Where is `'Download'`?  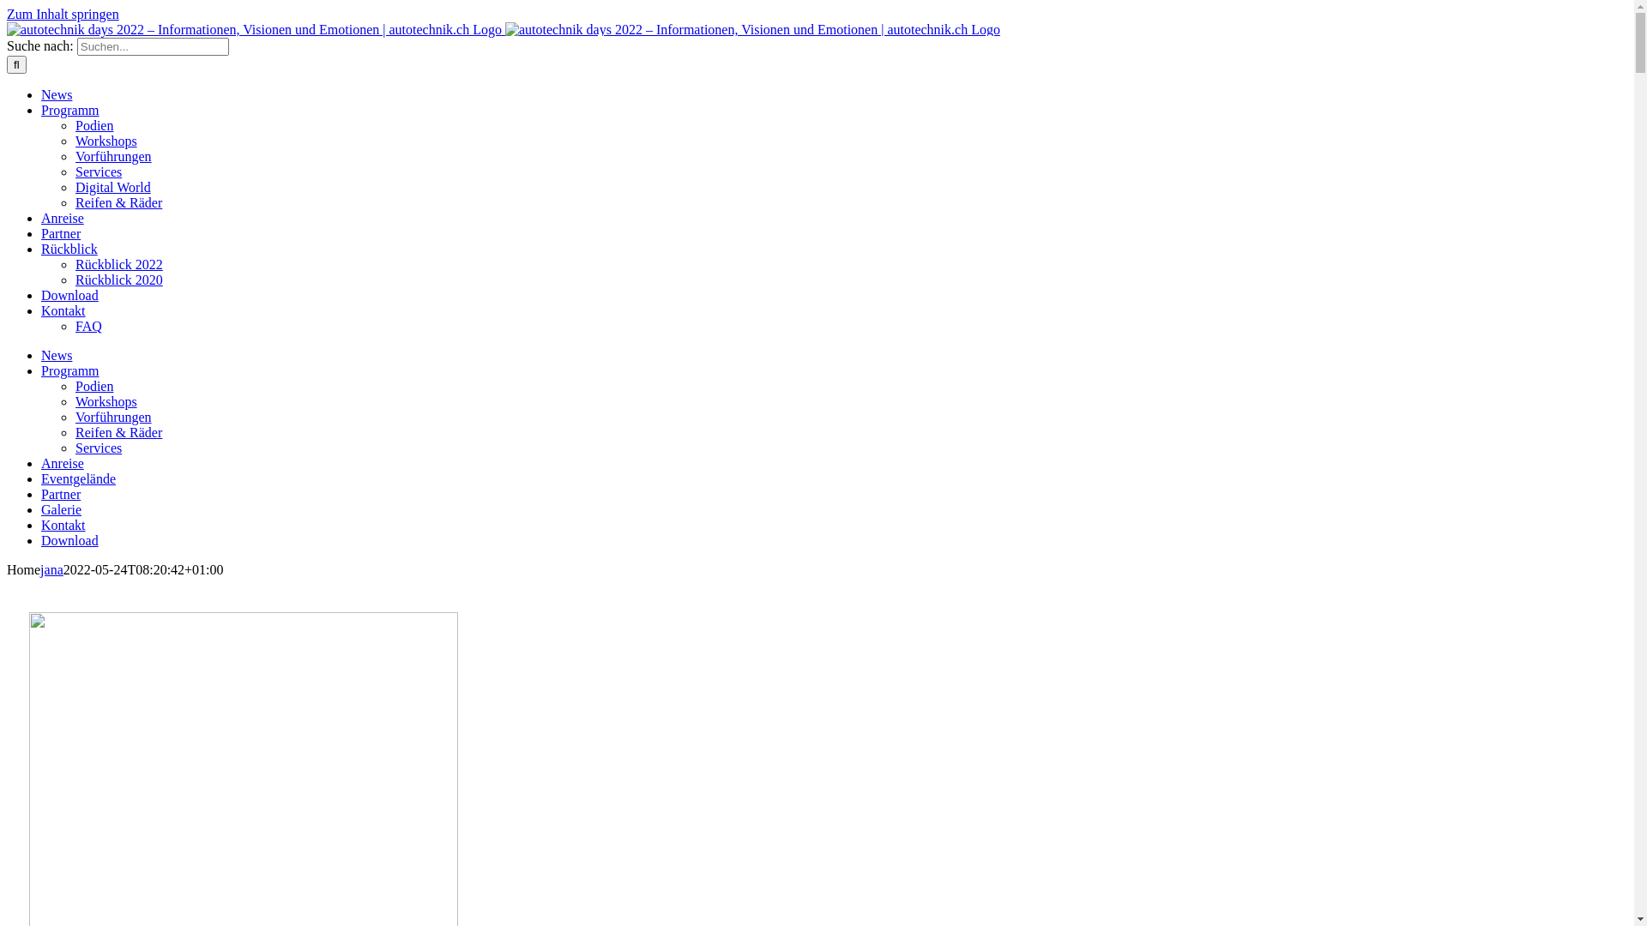 'Download' is located at coordinates (69, 294).